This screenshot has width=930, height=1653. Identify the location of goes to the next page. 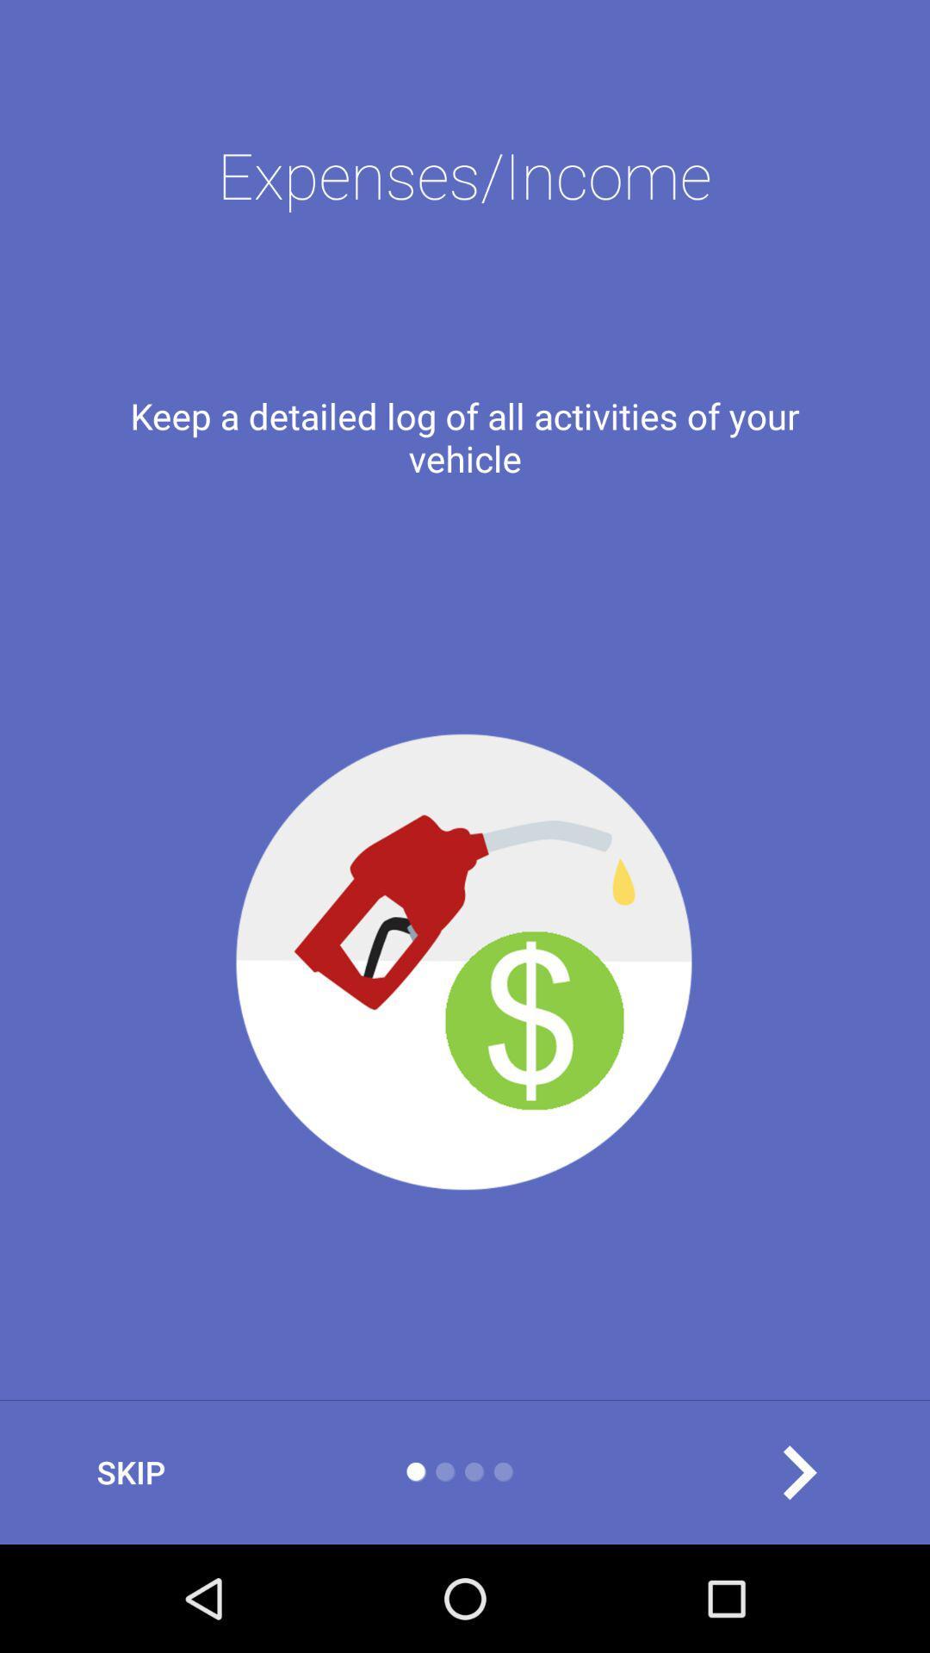
(798, 1471).